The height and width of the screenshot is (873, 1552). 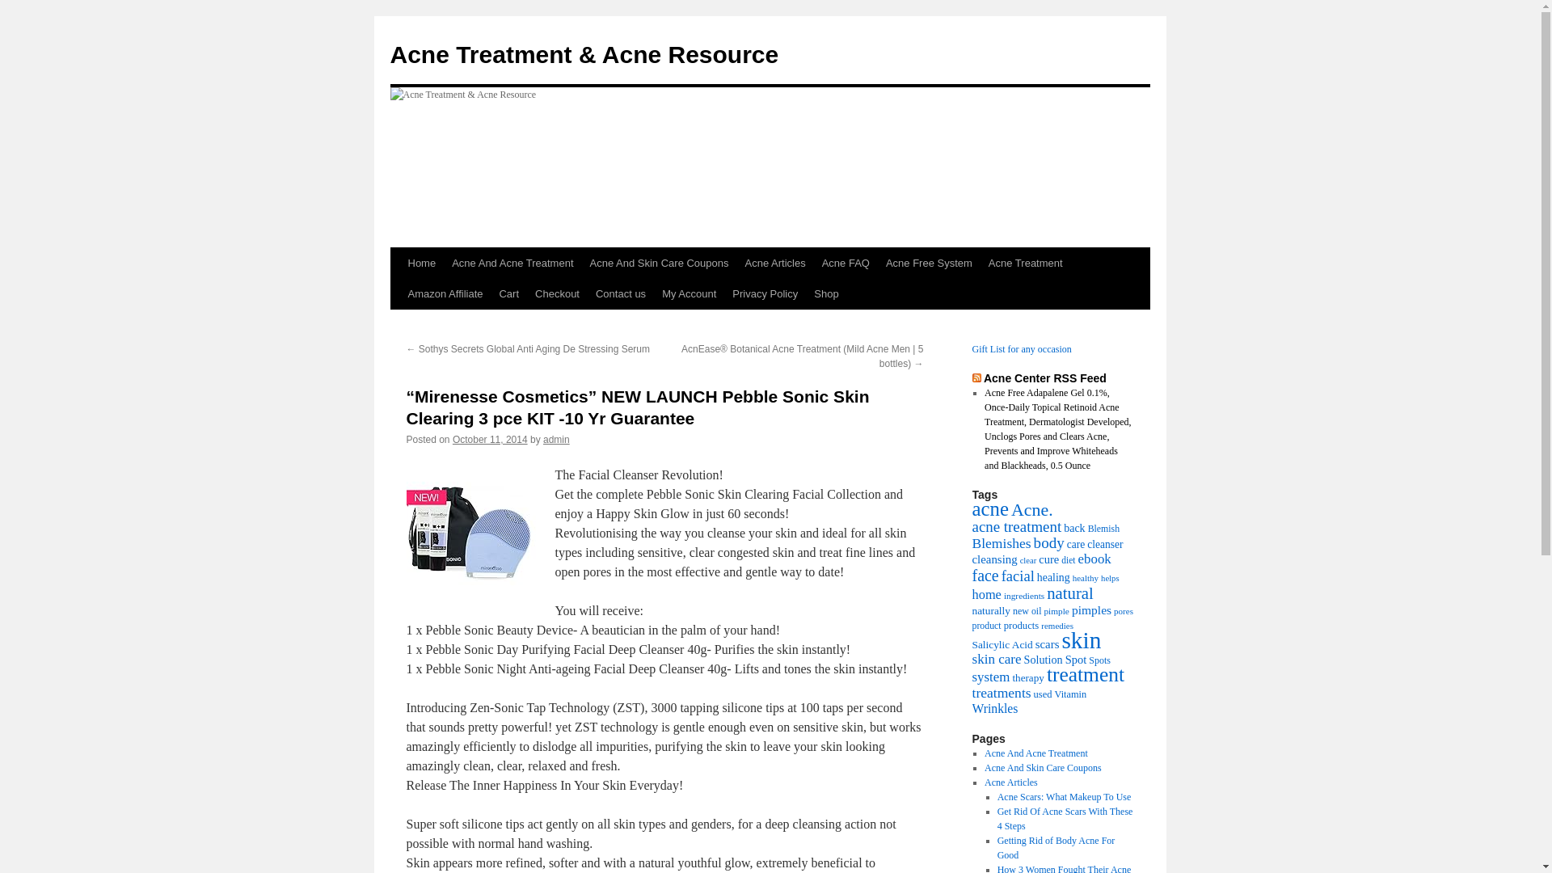 I want to click on 'cure', so click(x=1048, y=558).